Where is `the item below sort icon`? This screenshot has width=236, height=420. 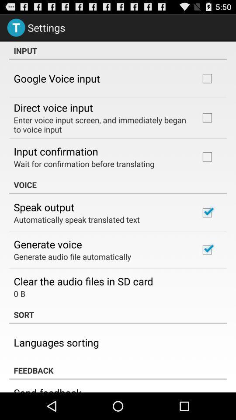 the item below sort icon is located at coordinates (56, 342).